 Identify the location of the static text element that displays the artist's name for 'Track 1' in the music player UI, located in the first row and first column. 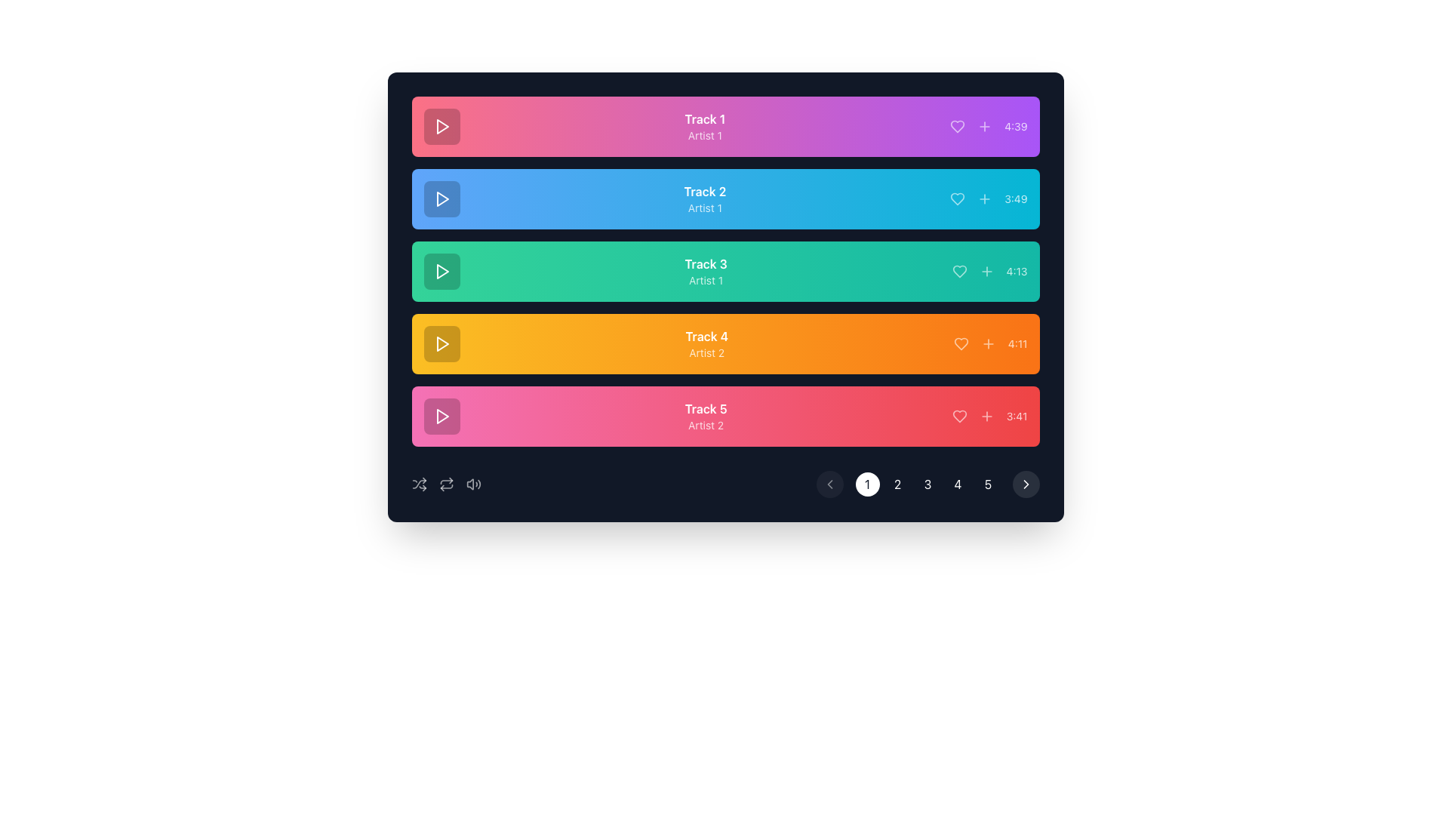
(704, 136).